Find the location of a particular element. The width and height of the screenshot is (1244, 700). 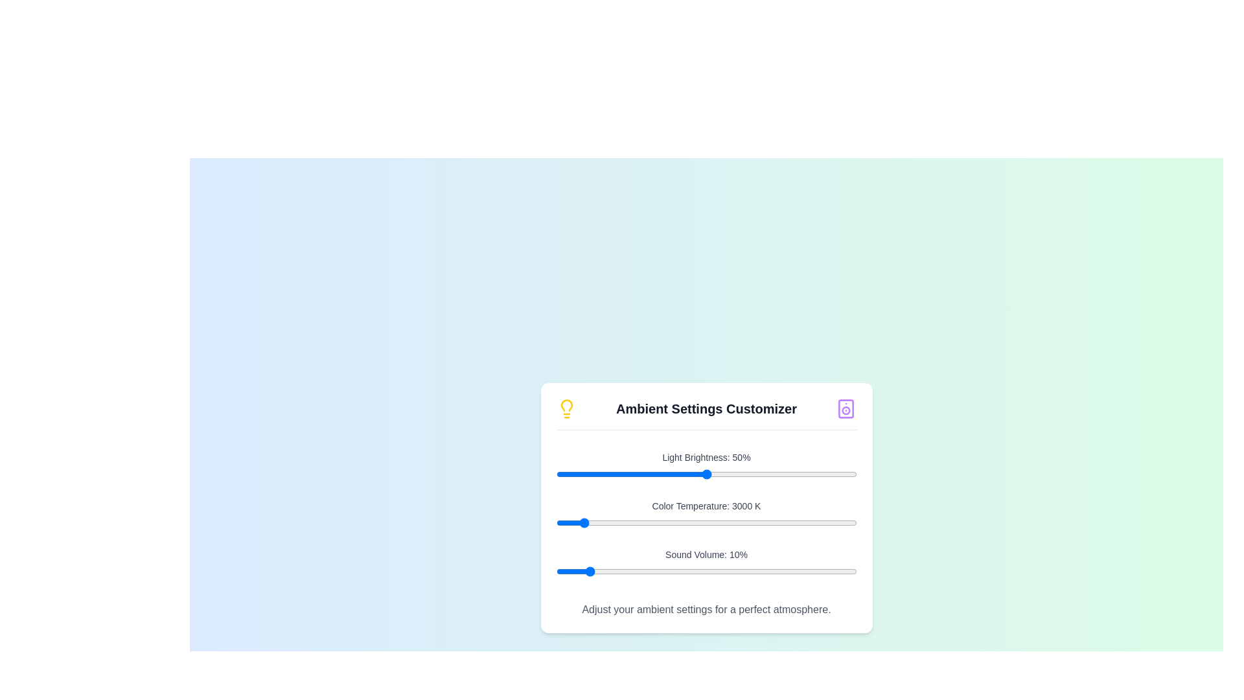

the sound volume is located at coordinates (844, 571).